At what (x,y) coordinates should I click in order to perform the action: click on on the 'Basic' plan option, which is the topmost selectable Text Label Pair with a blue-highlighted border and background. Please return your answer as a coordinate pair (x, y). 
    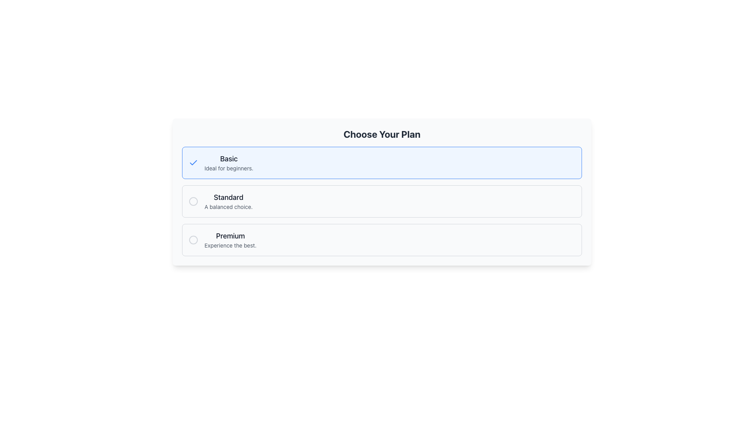
    Looking at the image, I should click on (228, 162).